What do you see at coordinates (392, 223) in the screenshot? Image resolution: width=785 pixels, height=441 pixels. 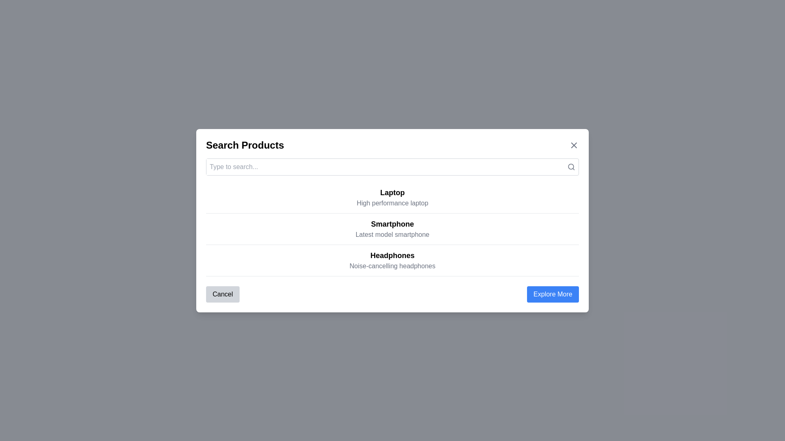 I see `the Text label that identifies the section as pertaining to smartphones to browse products` at bounding box center [392, 223].